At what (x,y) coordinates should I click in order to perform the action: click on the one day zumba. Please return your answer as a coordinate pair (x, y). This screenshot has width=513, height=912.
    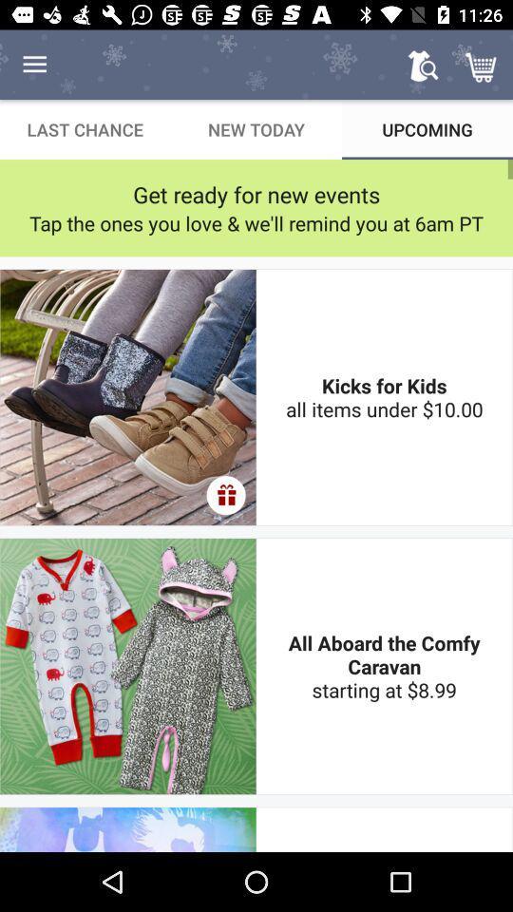
    Looking at the image, I should click on (384, 828).